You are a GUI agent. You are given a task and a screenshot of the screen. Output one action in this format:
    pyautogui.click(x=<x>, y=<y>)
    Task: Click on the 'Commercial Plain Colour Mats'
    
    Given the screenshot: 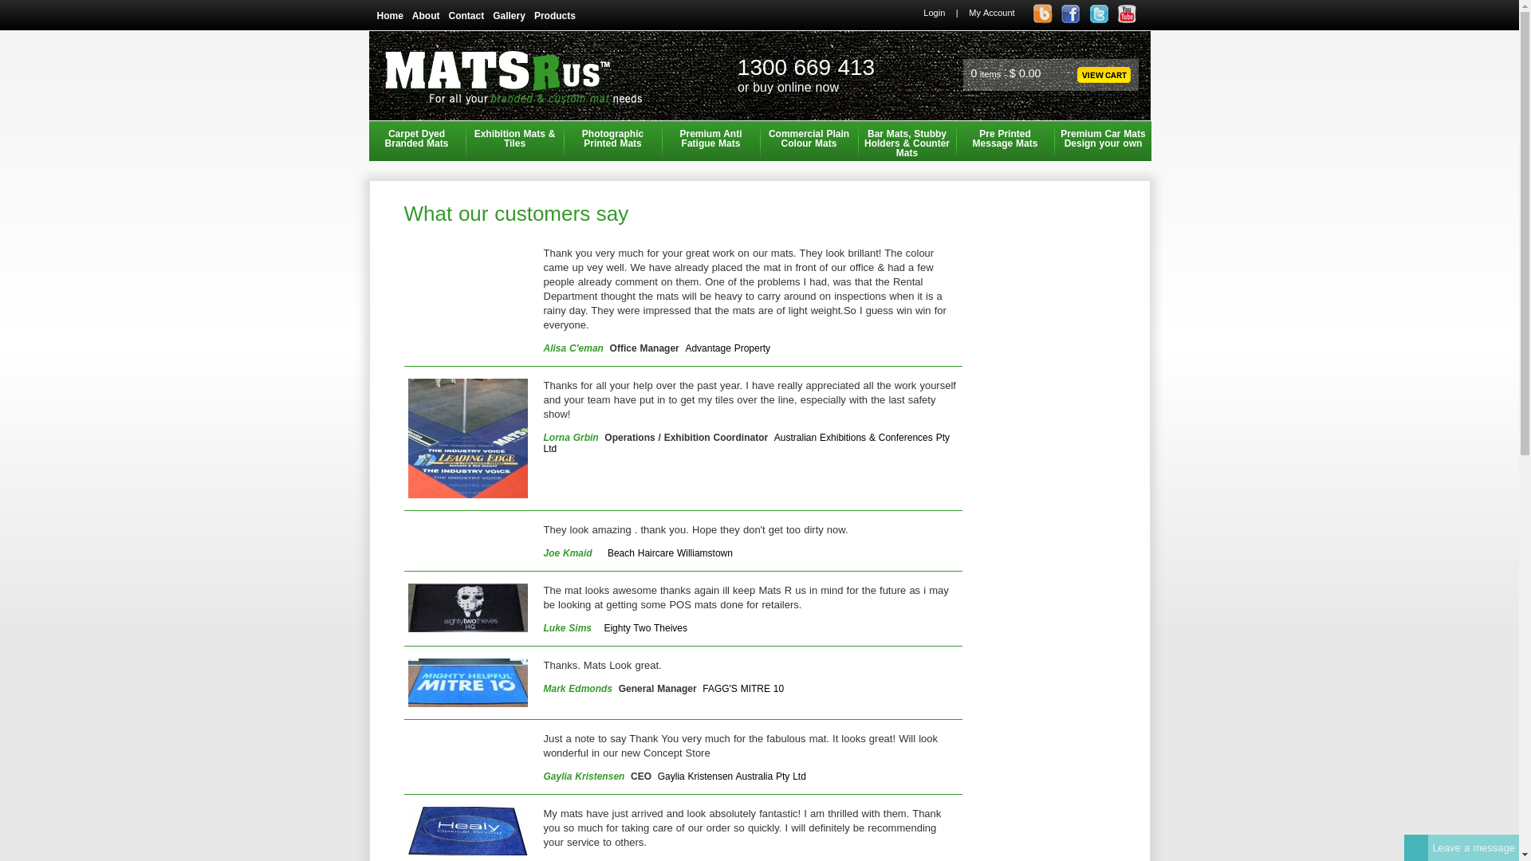 What is the action you would take?
    pyautogui.click(x=760, y=140)
    